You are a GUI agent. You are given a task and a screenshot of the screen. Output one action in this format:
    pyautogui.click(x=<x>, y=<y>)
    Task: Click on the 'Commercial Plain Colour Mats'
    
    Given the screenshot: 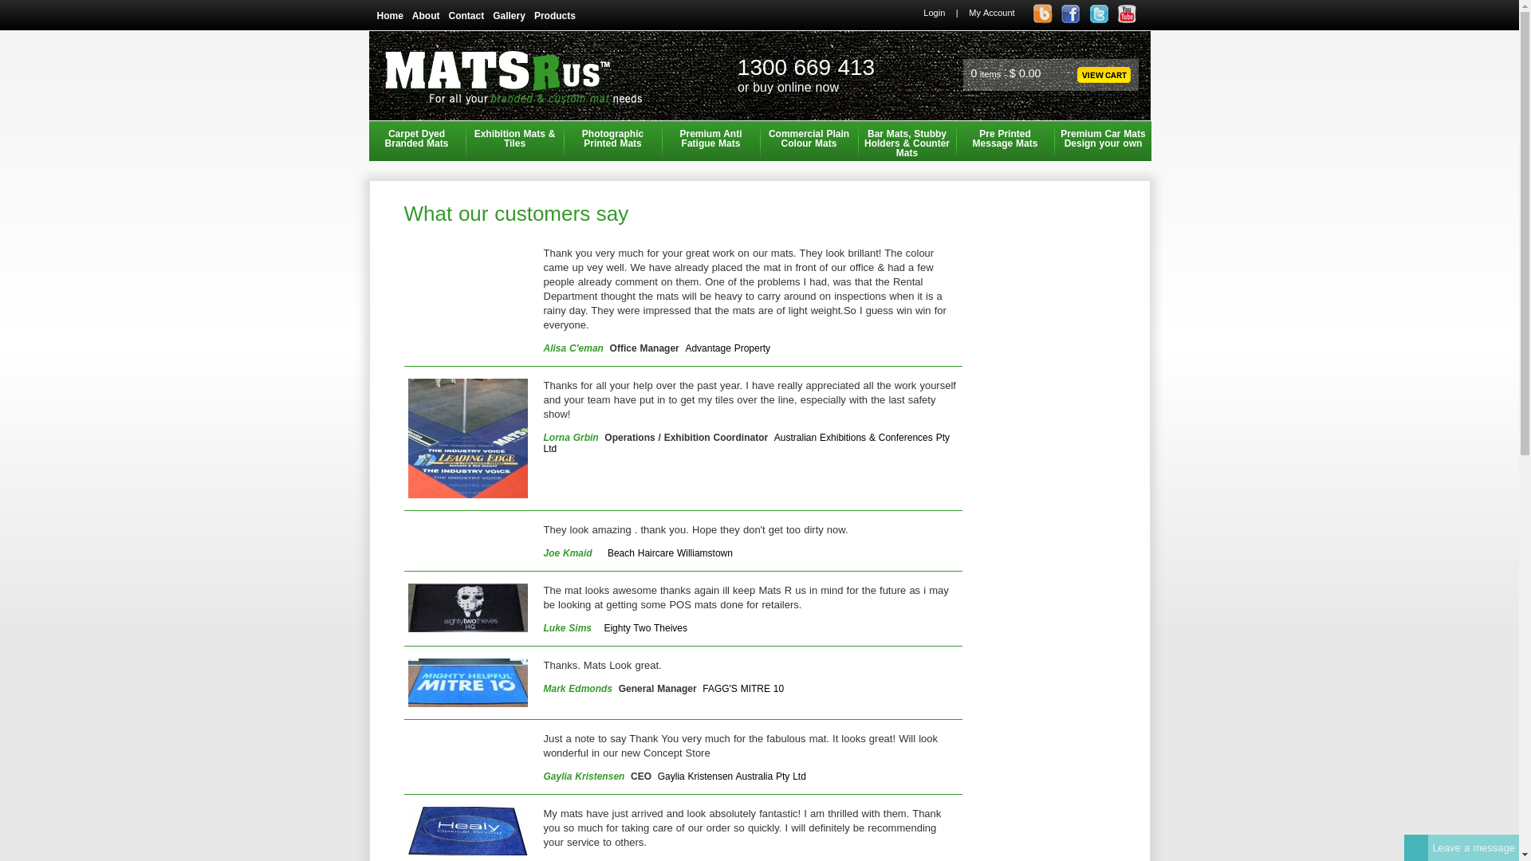 What is the action you would take?
    pyautogui.click(x=760, y=140)
    